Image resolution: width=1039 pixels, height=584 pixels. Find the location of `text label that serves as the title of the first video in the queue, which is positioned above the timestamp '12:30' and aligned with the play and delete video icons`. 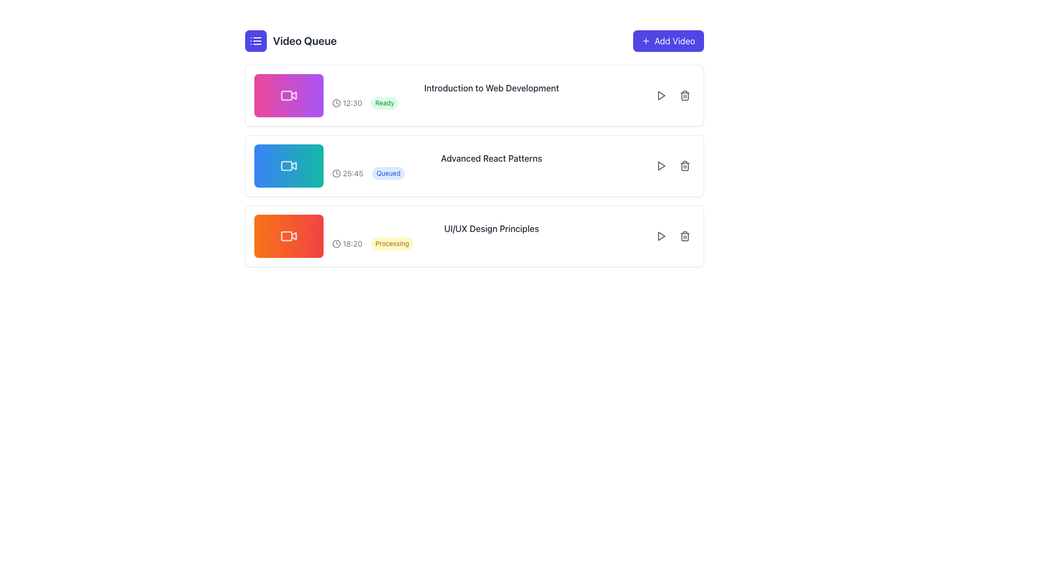

text label that serves as the title of the first video in the queue, which is positioned above the timestamp '12:30' and aligned with the play and delete video icons is located at coordinates (491, 87).